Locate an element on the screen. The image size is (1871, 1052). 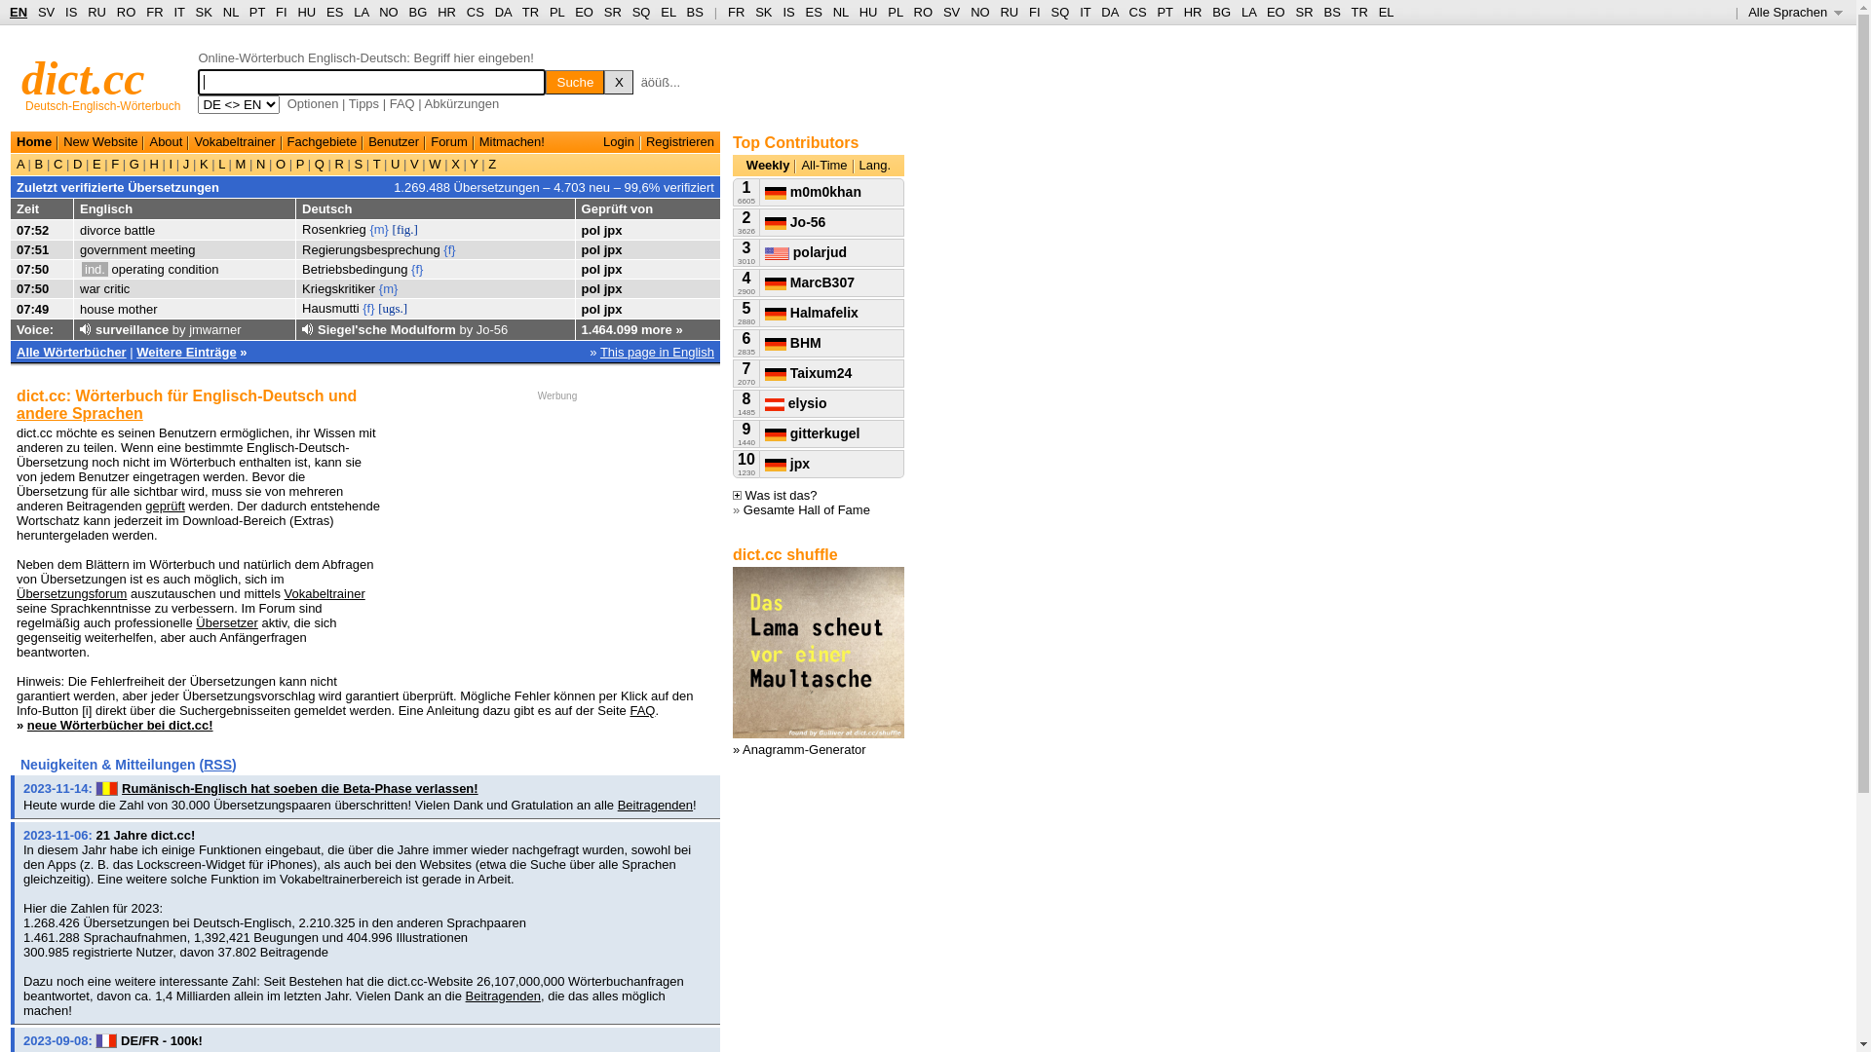
'house mother' is located at coordinates (117, 308).